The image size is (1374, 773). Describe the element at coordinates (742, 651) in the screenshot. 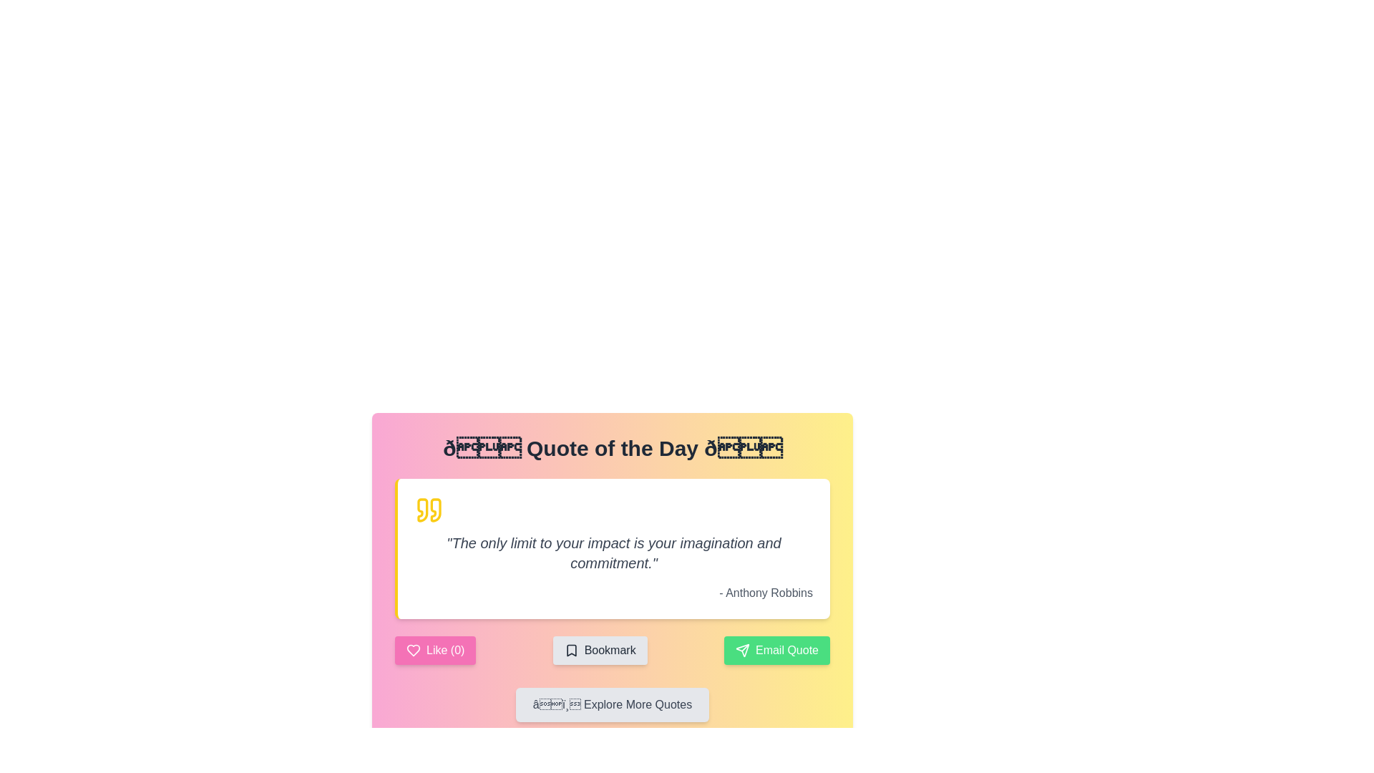

I see `the 'Email Quote' button, represented by a green rectangular button located at the bottom-right section of the interface, for keyboard interaction` at that location.